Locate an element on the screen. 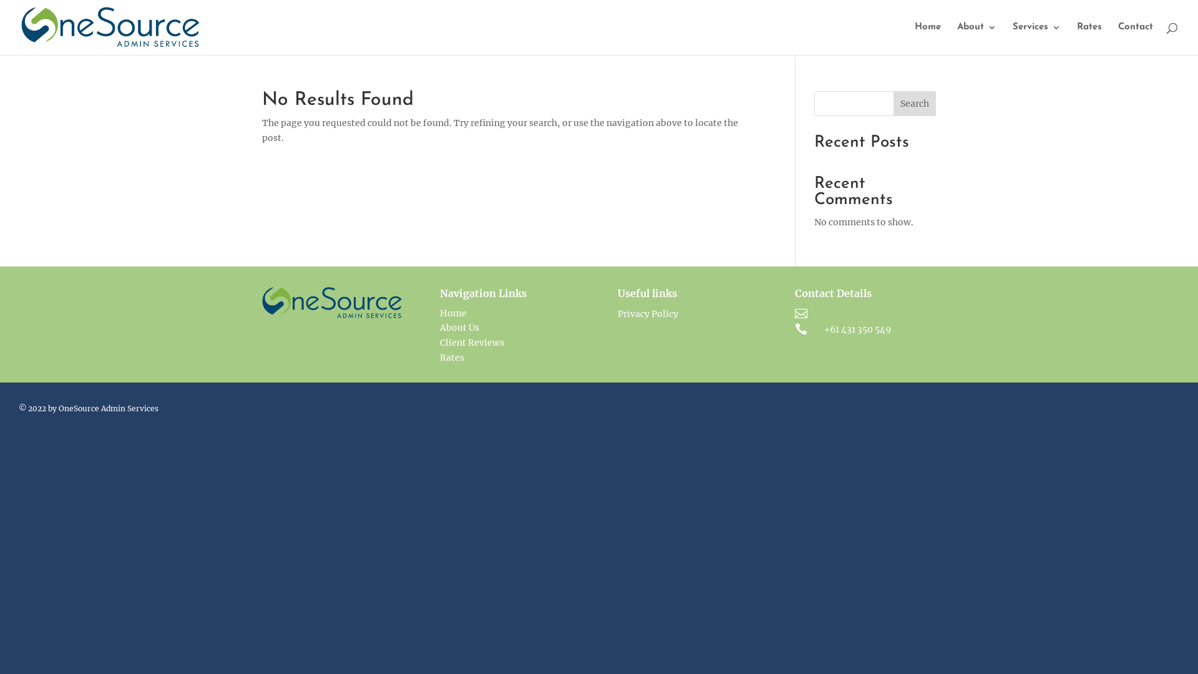 Image resolution: width=1198 pixels, height=674 pixels. 'About Us' is located at coordinates (459, 326).